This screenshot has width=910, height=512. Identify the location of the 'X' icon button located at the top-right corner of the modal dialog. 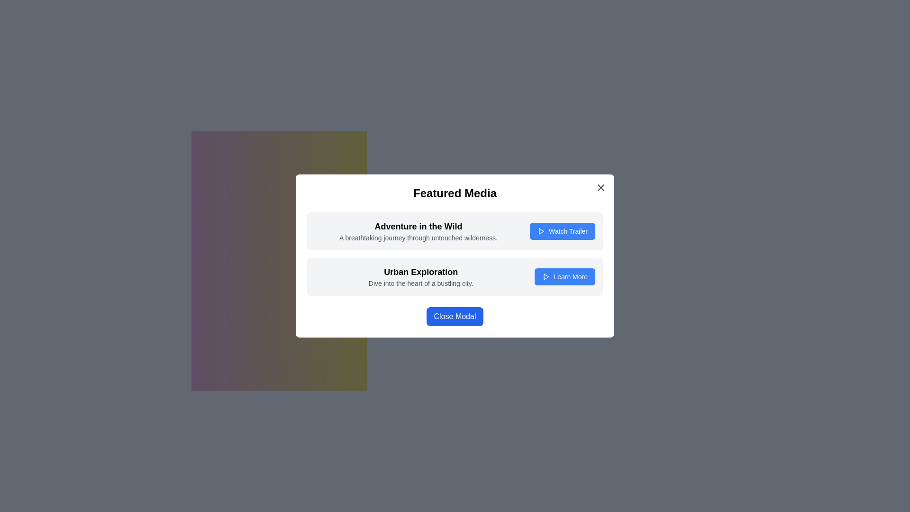
(600, 188).